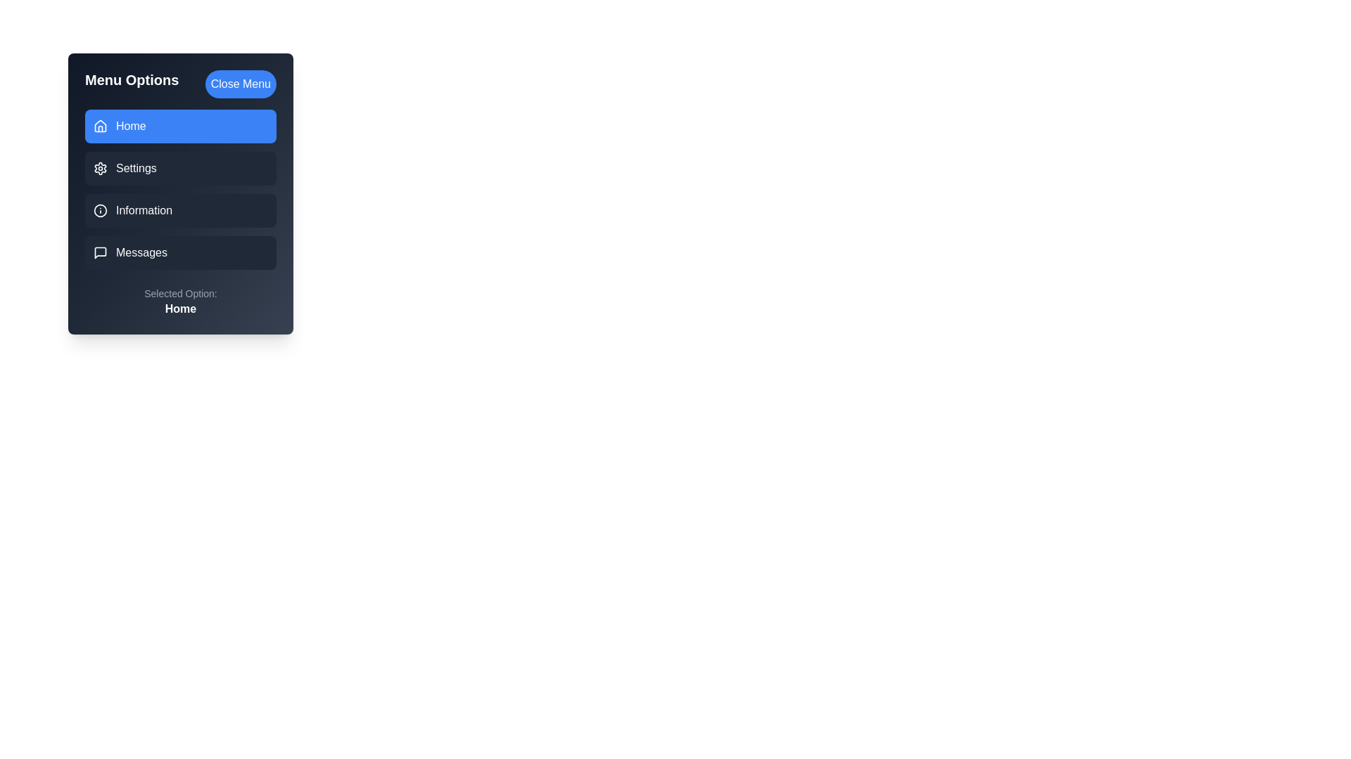 This screenshot has width=1351, height=759. Describe the element at coordinates (179, 301) in the screenshot. I see `text displayed on the label showing 'Selected Option: Home', which is located at the bottom of the menu panel below the 'Messages' option` at that location.